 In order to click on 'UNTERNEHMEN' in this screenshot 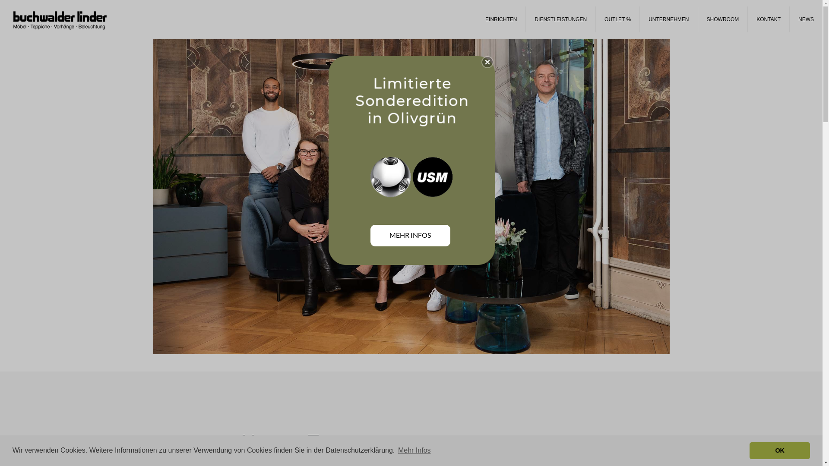, I will do `click(640, 19)`.